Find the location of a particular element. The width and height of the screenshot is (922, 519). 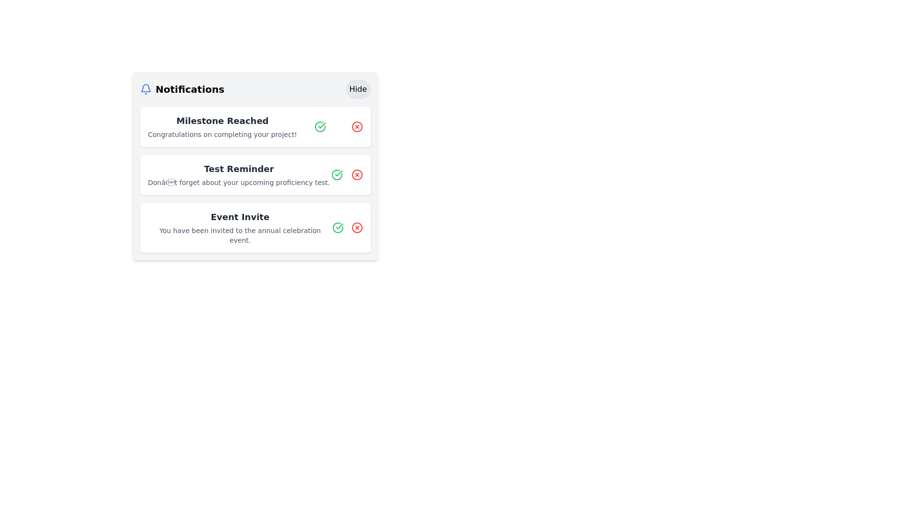

the text label providing supplementary information within the 'Test Reminder' notification card, located below the title text is located at coordinates (239, 183).